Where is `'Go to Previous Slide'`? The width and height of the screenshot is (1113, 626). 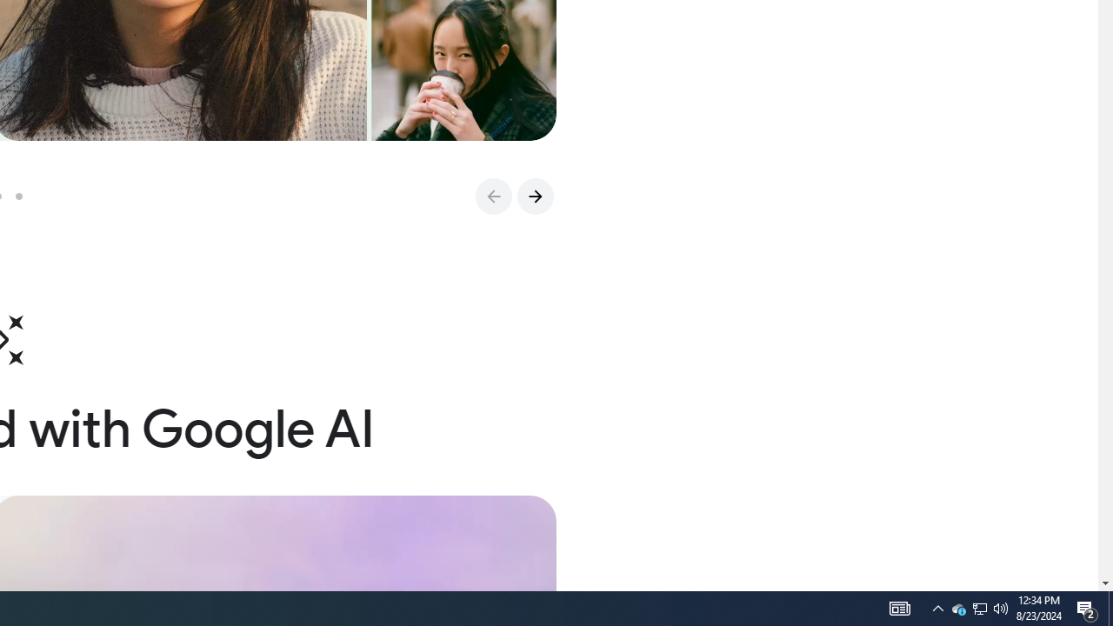
'Go to Previous Slide' is located at coordinates (492, 196).